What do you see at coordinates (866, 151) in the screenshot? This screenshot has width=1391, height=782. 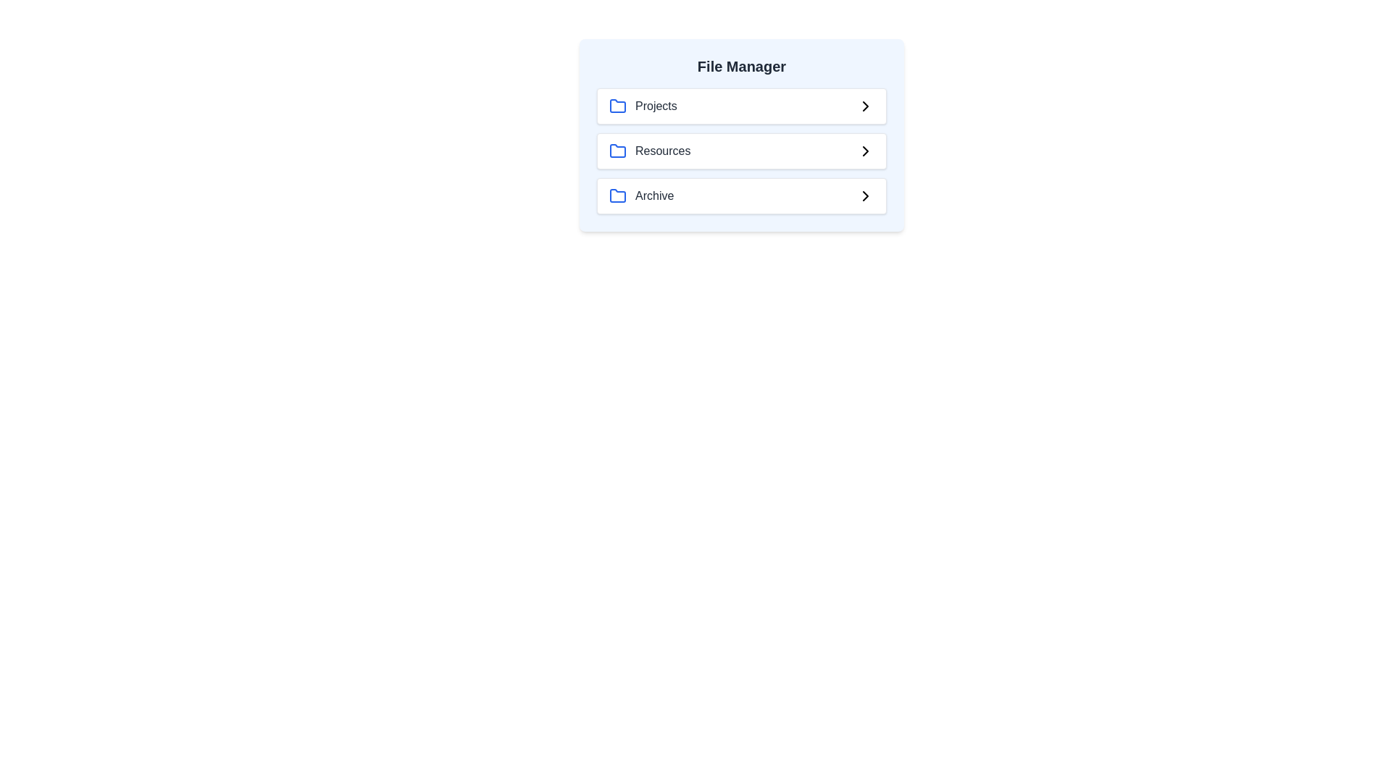 I see `the right-pointing arrow icon of the 'Resources' section in the file manager` at bounding box center [866, 151].